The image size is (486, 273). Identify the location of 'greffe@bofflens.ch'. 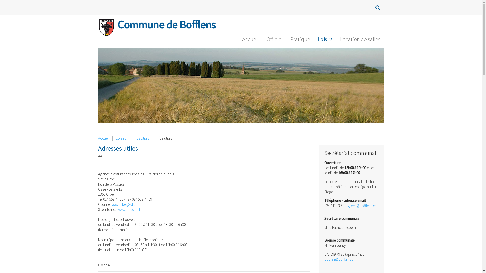
(362, 206).